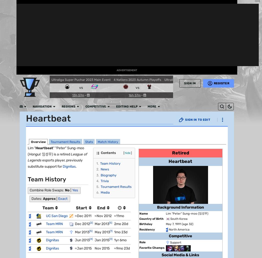 Image resolution: width=262 pixels, height=258 pixels. What do you see at coordinates (41, 97) in the screenshot?
I see `'⧼timeago-minute⧽'` at bounding box center [41, 97].